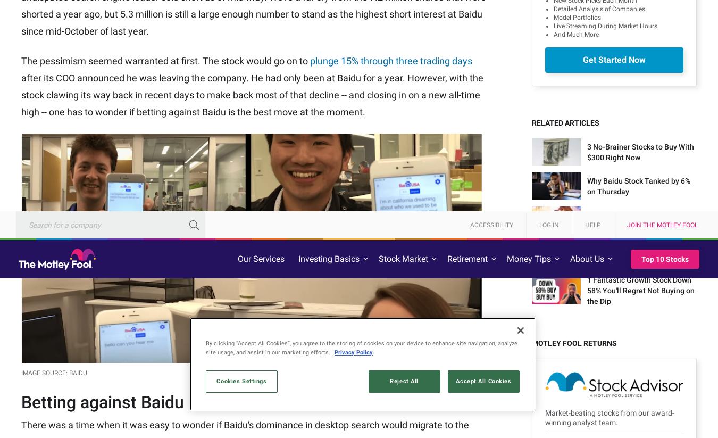 The width and height of the screenshot is (718, 438). What do you see at coordinates (129, 402) in the screenshot?
I see `'Invest better with The Motley Fool. Get stock recommendations, portfolio guidance, and more from The Motley Fool's premium services.'` at bounding box center [129, 402].